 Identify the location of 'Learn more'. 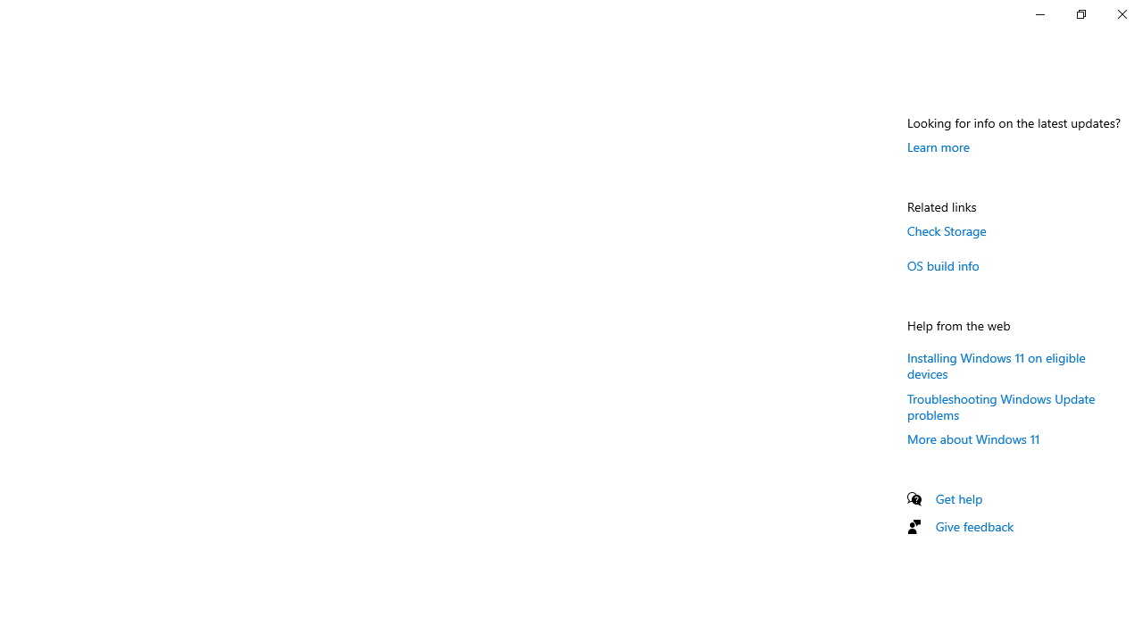
(938, 146).